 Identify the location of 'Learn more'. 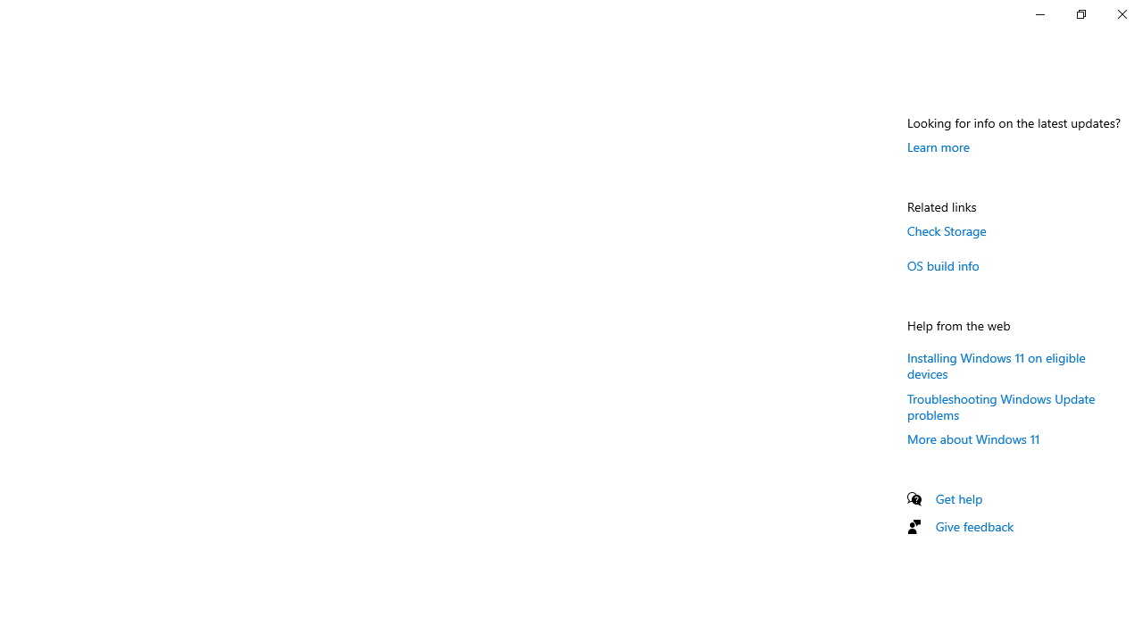
(938, 146).